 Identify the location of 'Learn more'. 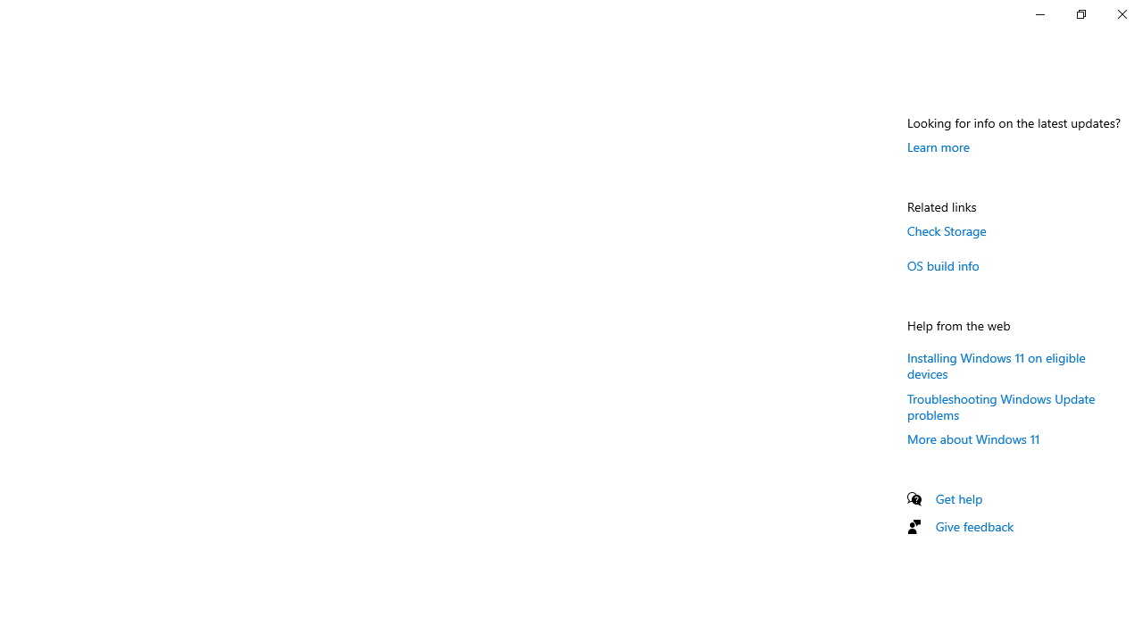
(938, 146).